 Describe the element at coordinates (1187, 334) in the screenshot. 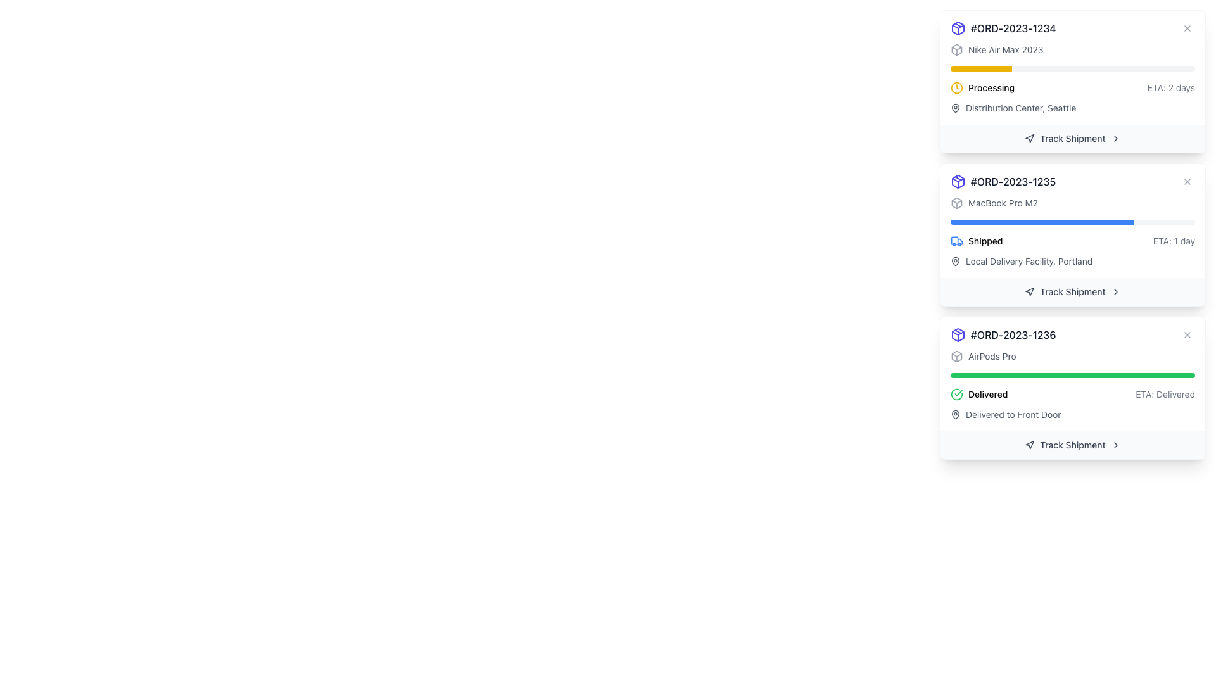

I see `the close button located in the top-right corner of the order card labeled '#ORD-2023-1236'` at that location.